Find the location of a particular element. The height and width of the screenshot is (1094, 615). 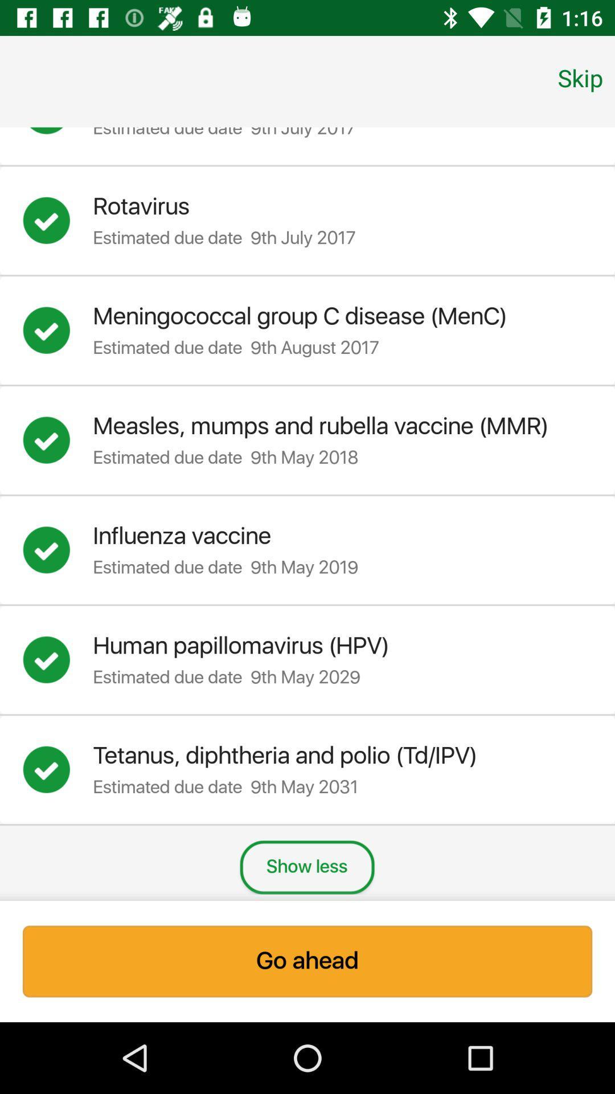

the go ahead icon is located at coordinates (307, 961).